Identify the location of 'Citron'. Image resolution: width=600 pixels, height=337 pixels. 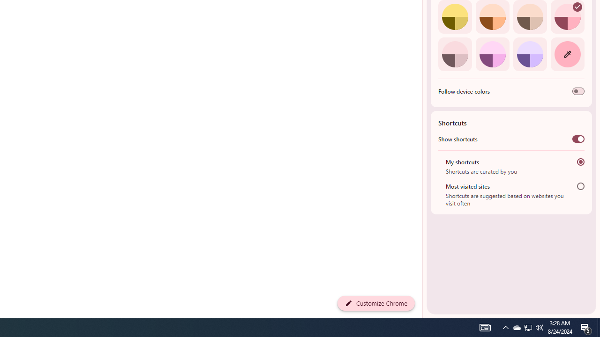
(455, 17).